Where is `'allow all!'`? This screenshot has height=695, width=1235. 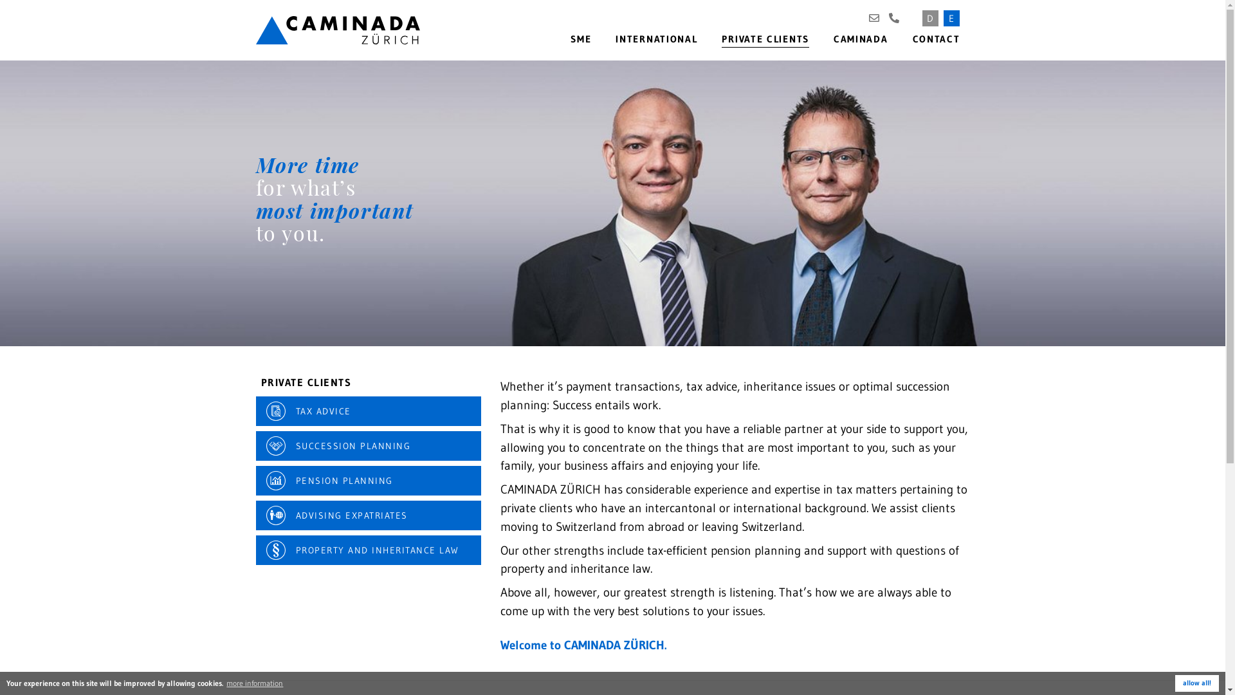 'allow all!' is located at coordinates (1196, 682).